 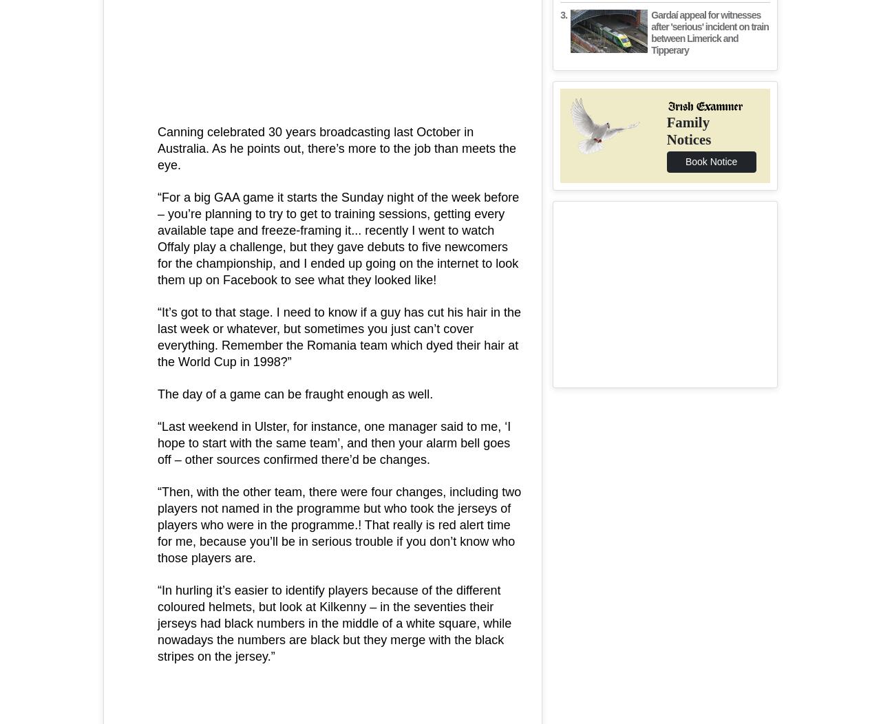 I want to click on 'Rugby', so click(x=284, y=278).